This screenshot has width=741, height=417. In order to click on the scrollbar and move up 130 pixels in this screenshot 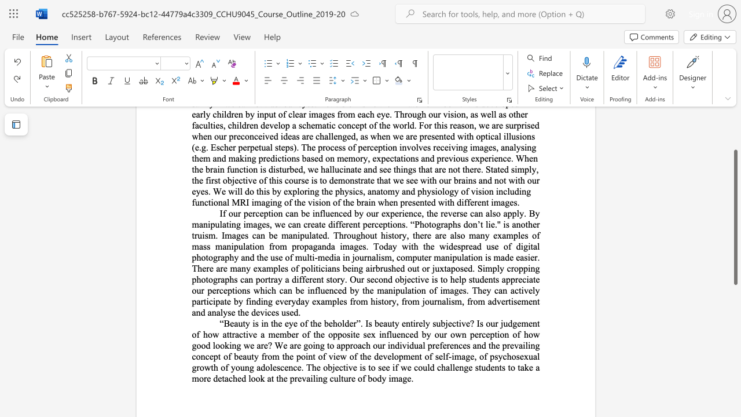, I will do `click(735, 217)`.